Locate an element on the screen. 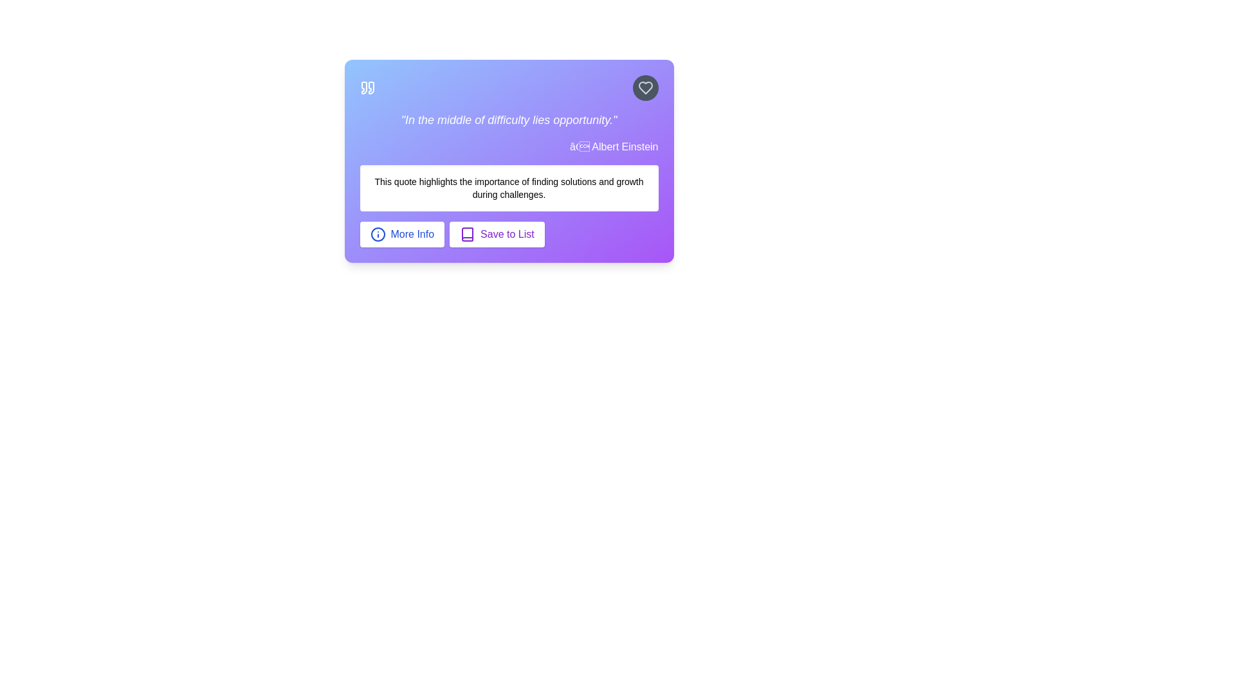  the text element that displays the message 'This quote highlights the importance of finding solutions and growth during challenges.' is located at coordinates (508, 188).